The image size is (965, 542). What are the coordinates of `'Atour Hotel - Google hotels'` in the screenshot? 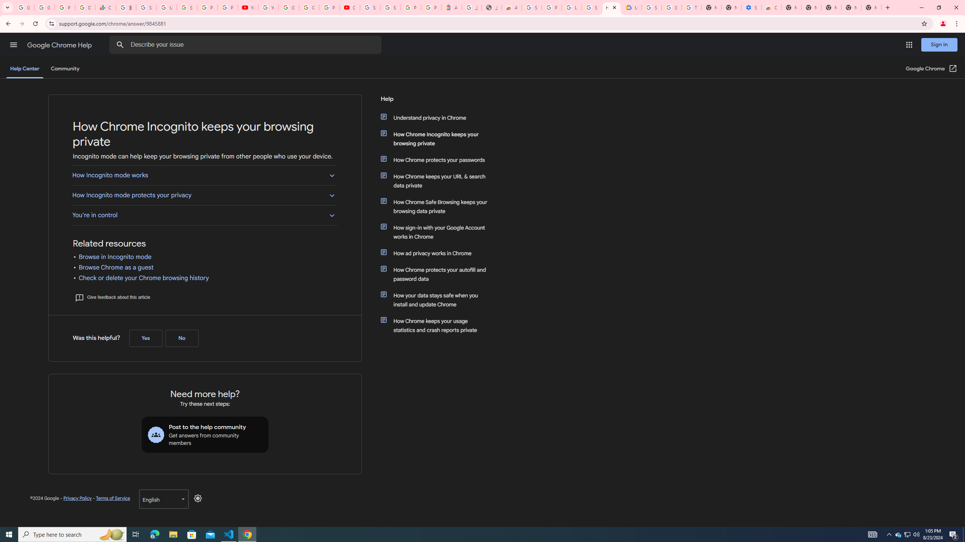 It's located at (452, 7).